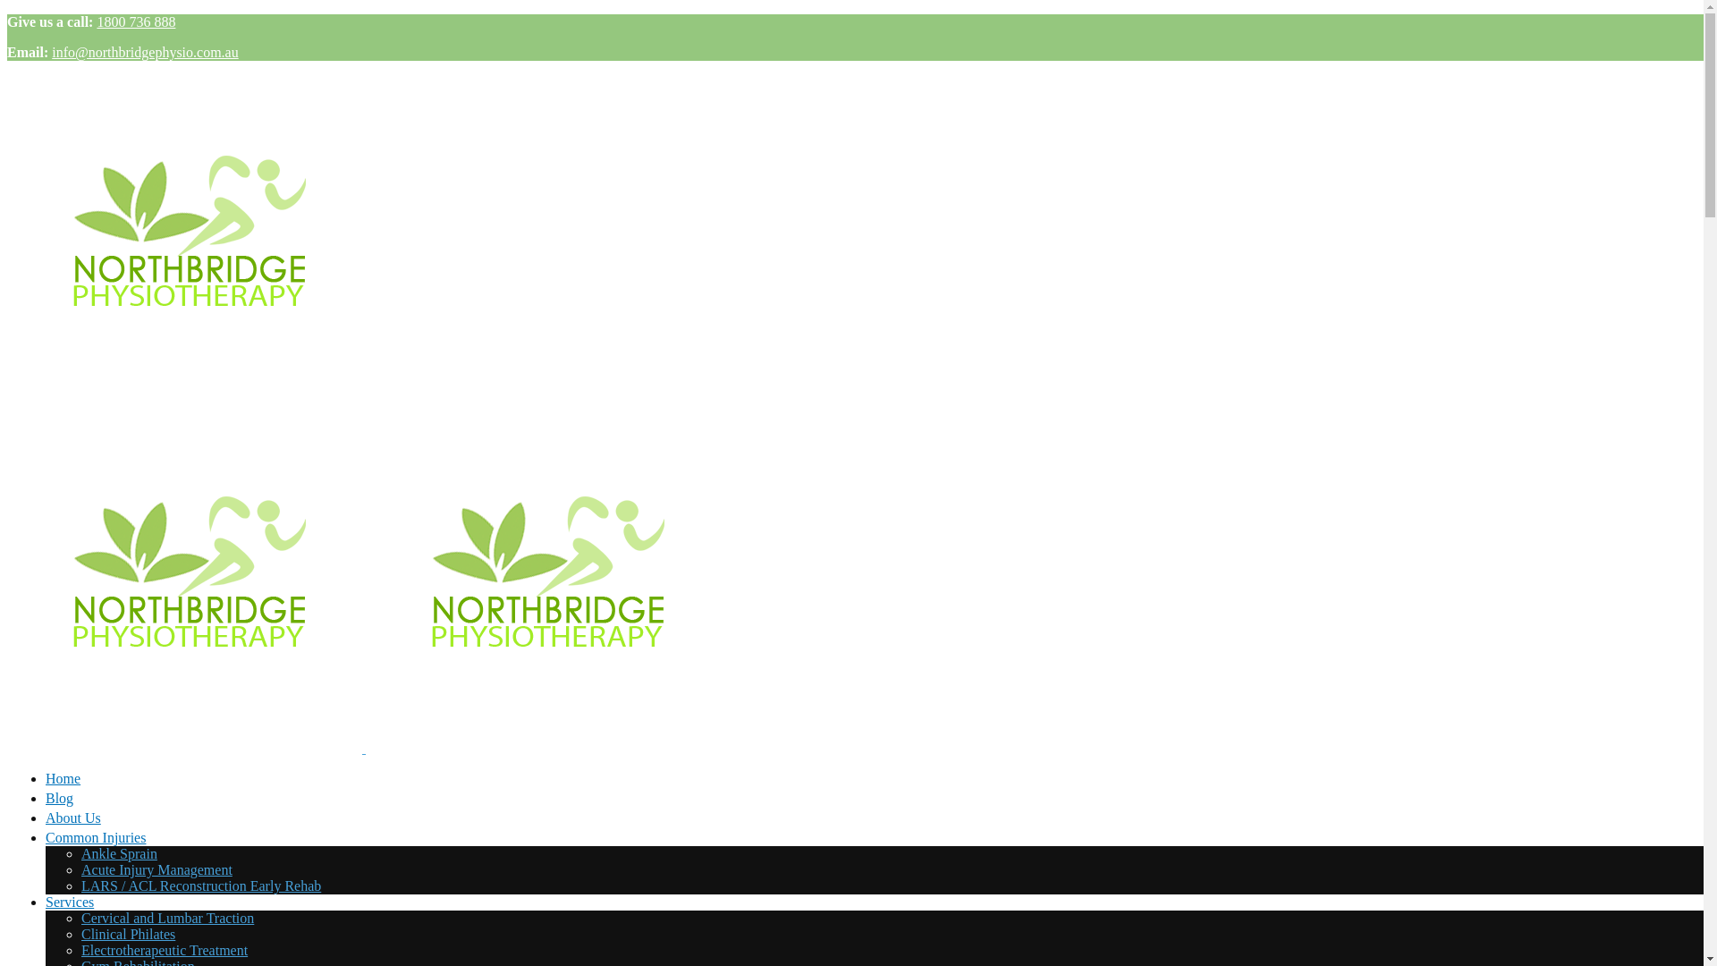  Describe the element at coordinates (46, 820) in the screenshot. I see `'About Us'` at that location.